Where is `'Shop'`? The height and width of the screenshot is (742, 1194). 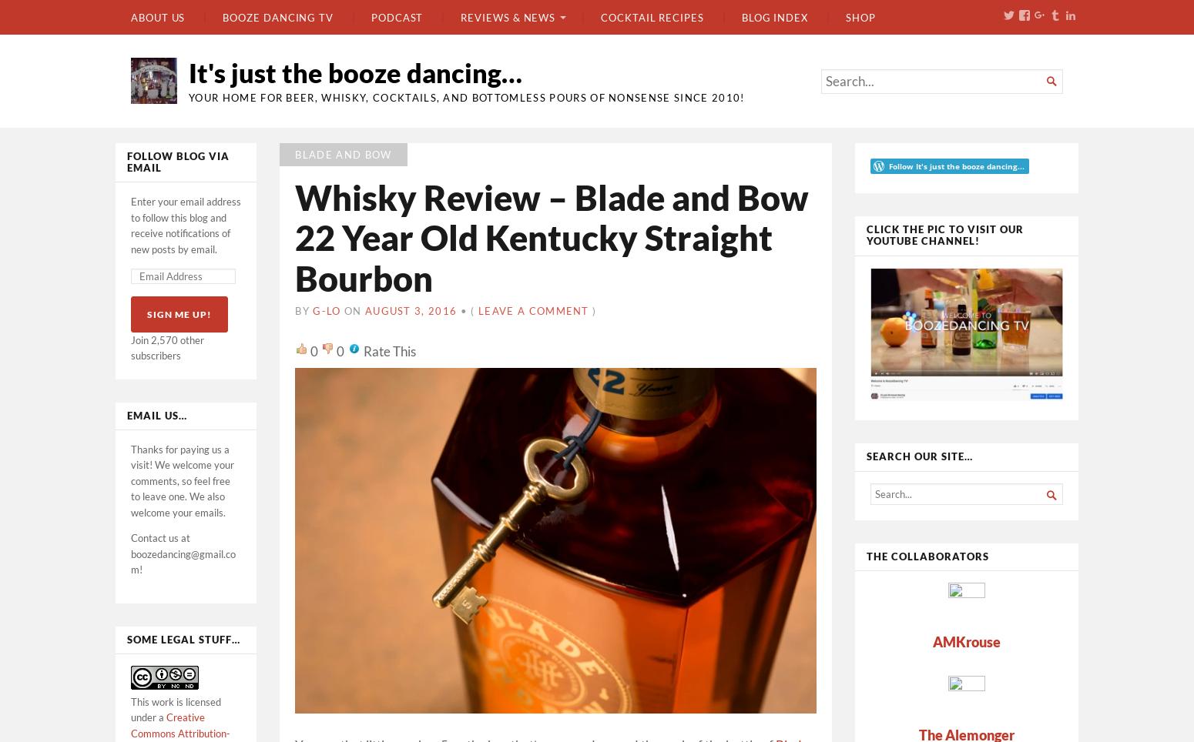 'Shop' is located at coordinates (859, 15).